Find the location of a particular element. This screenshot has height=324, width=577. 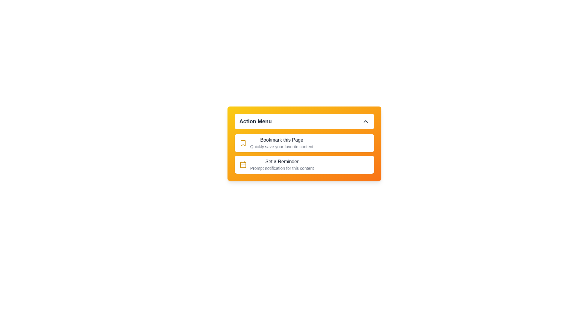

the menu item labeled 'Bookmark this Page' is located at coordinates (276, 140).